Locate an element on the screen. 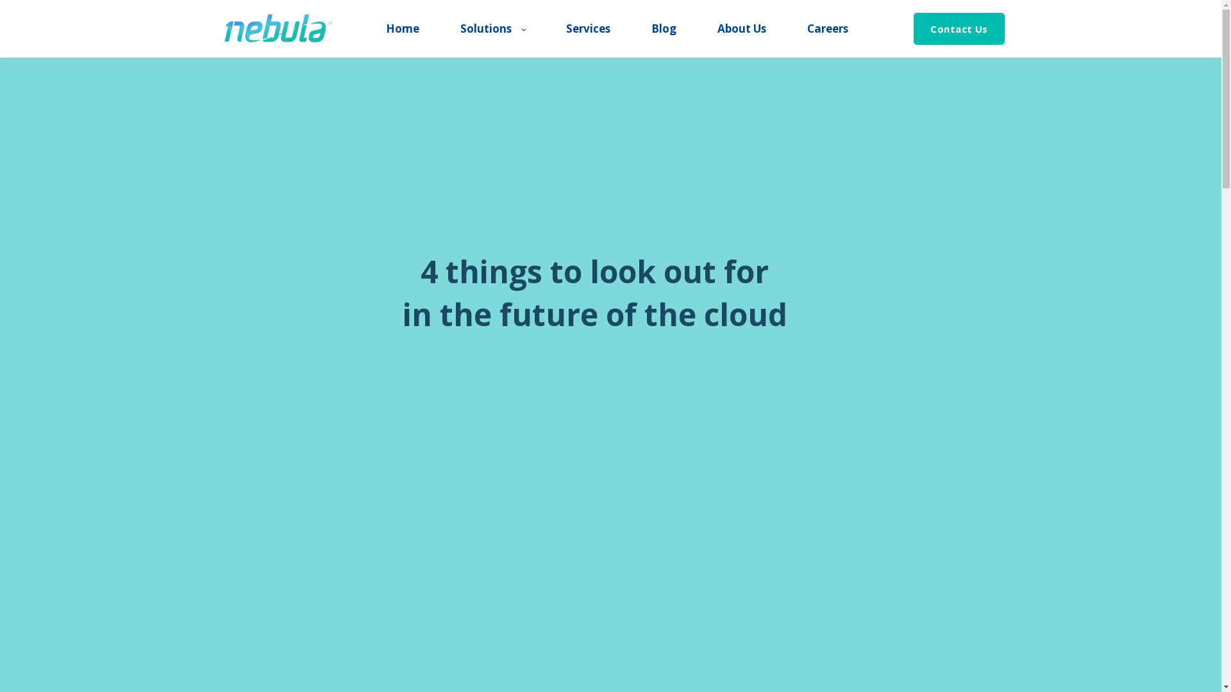 Image resolution: width=1231 pixels, height=692 pixels. 'Blog' is located at coordinates (651, 29).